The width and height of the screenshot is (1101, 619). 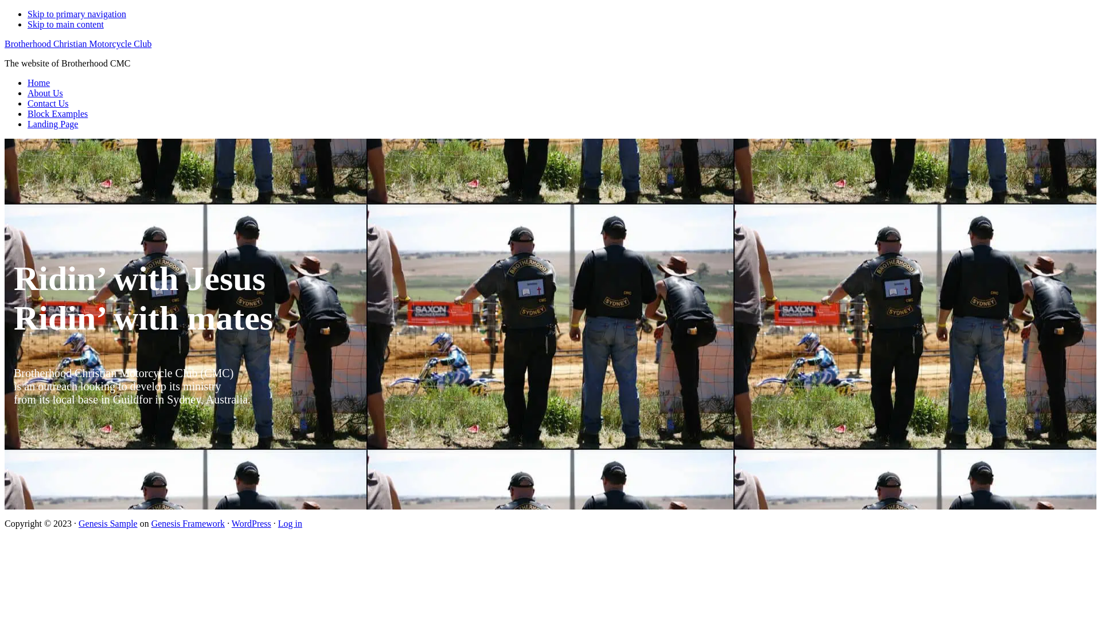 I want to click on 'Skip to main content', so click(x=65, y=24).